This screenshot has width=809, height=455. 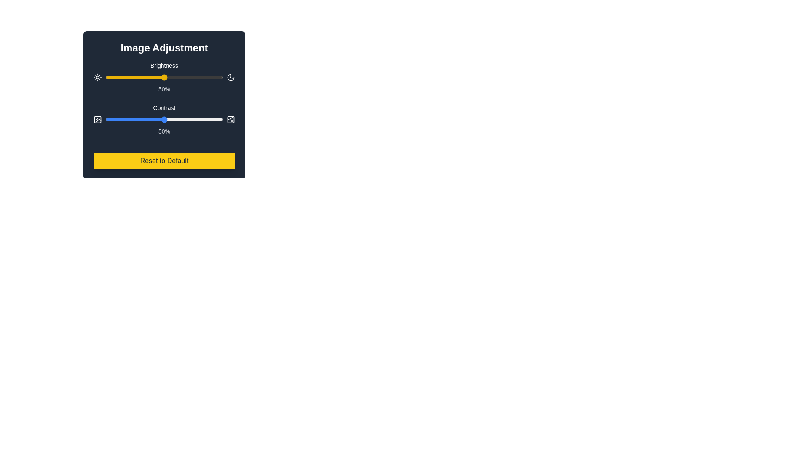 What do you see at coordinates (147, 120) in the screenshot?
I see `the contrast level` at bounding box center [147, 120].